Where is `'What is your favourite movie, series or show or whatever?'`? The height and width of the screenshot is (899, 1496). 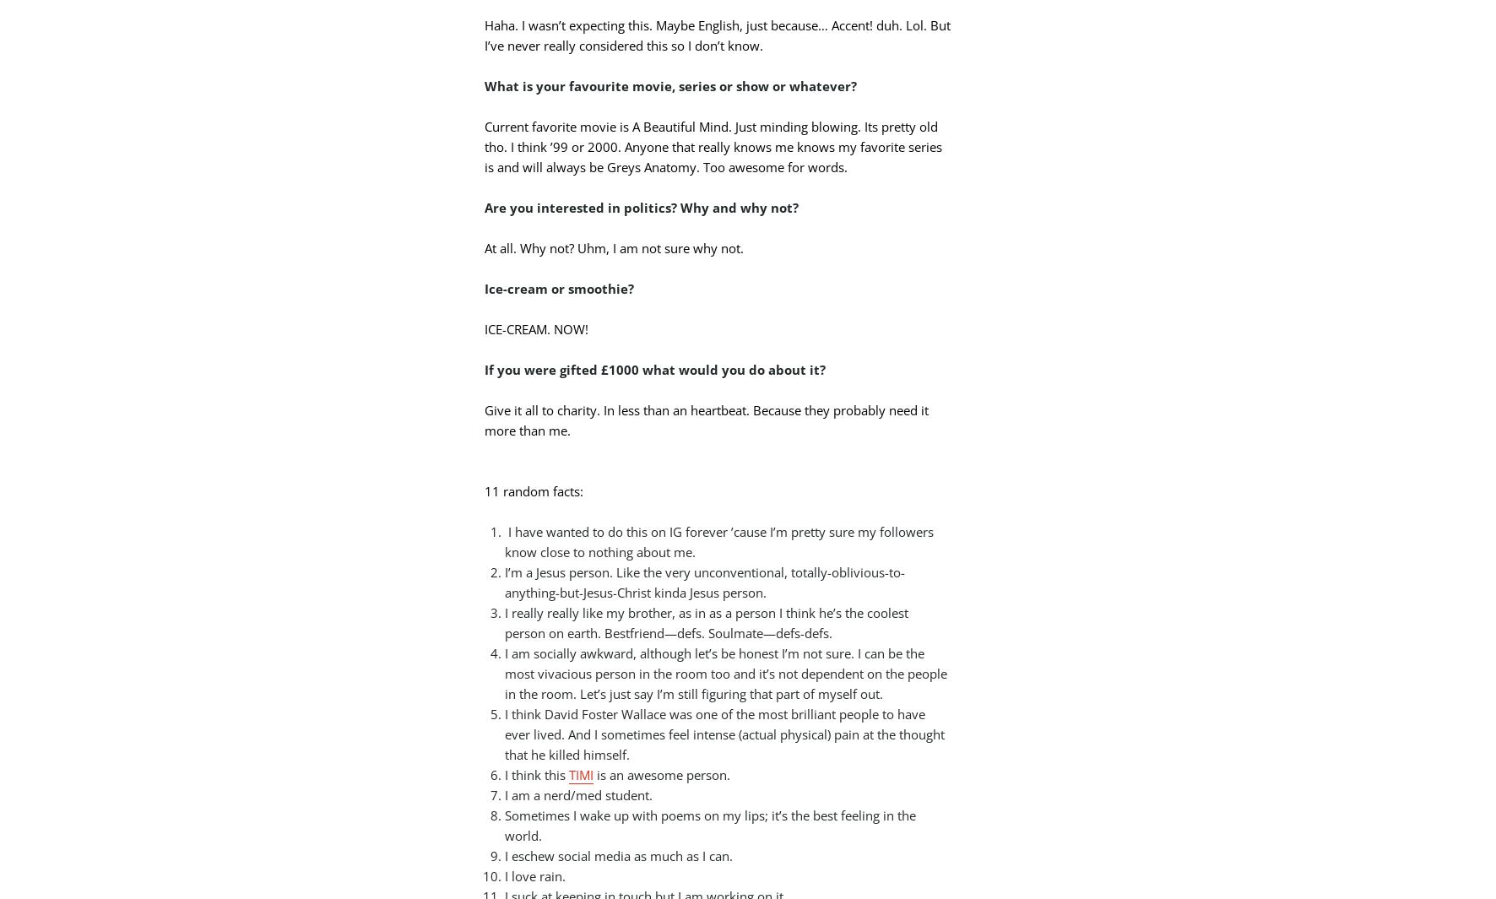 'What is your favourite movie, series or show or whatever?' is located at coordinates (670, 84).